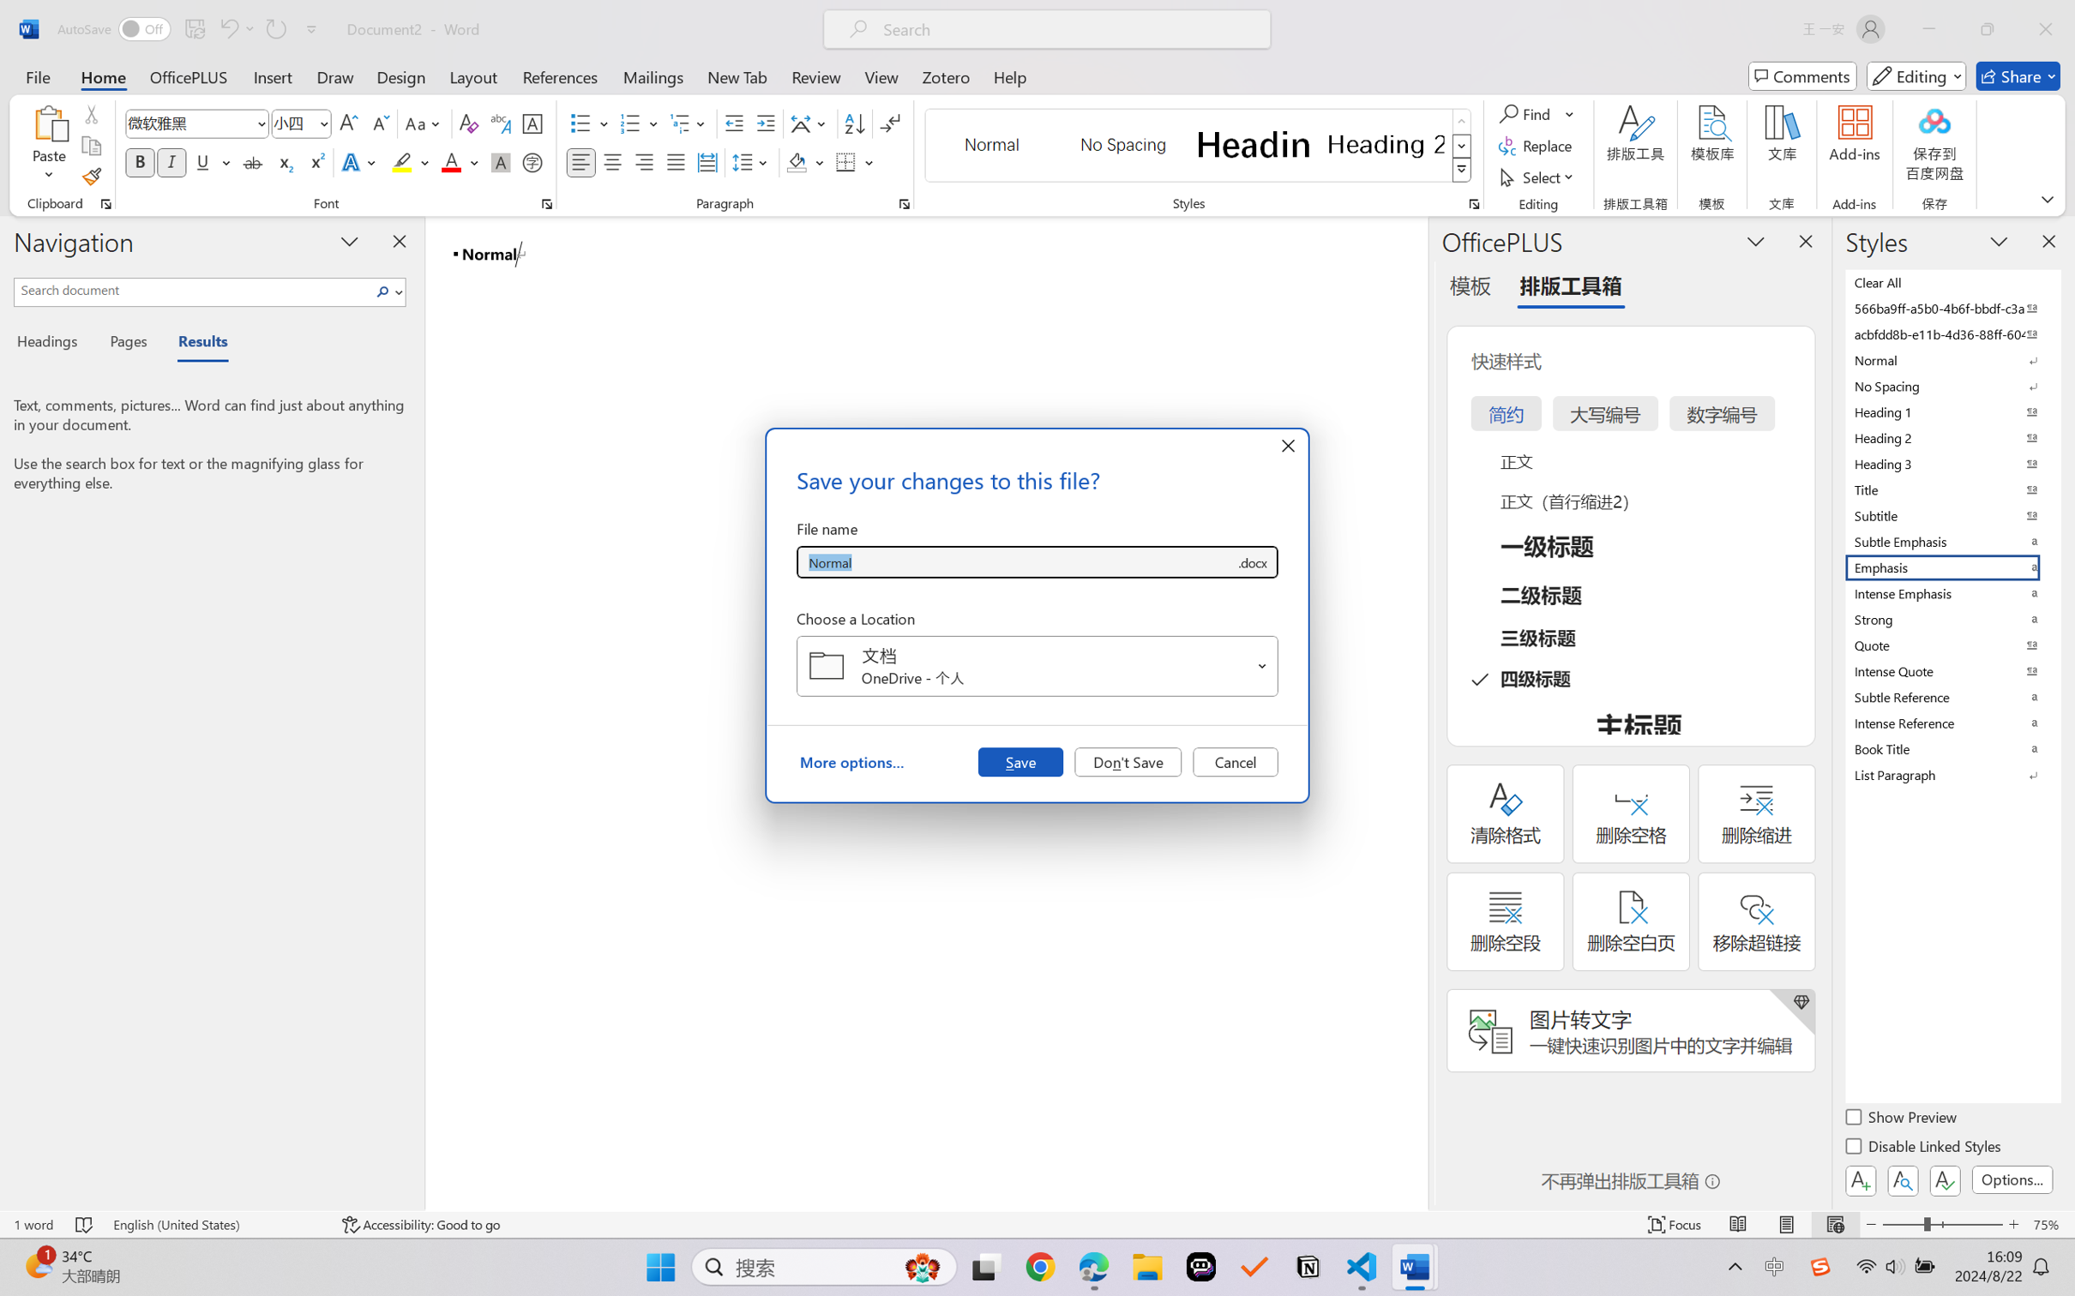 The width and height of the screenshot is (2075, 1296). Describe the element at coordinates (227, 28) in the screenshot. I see `'Undo Style'` at that location.